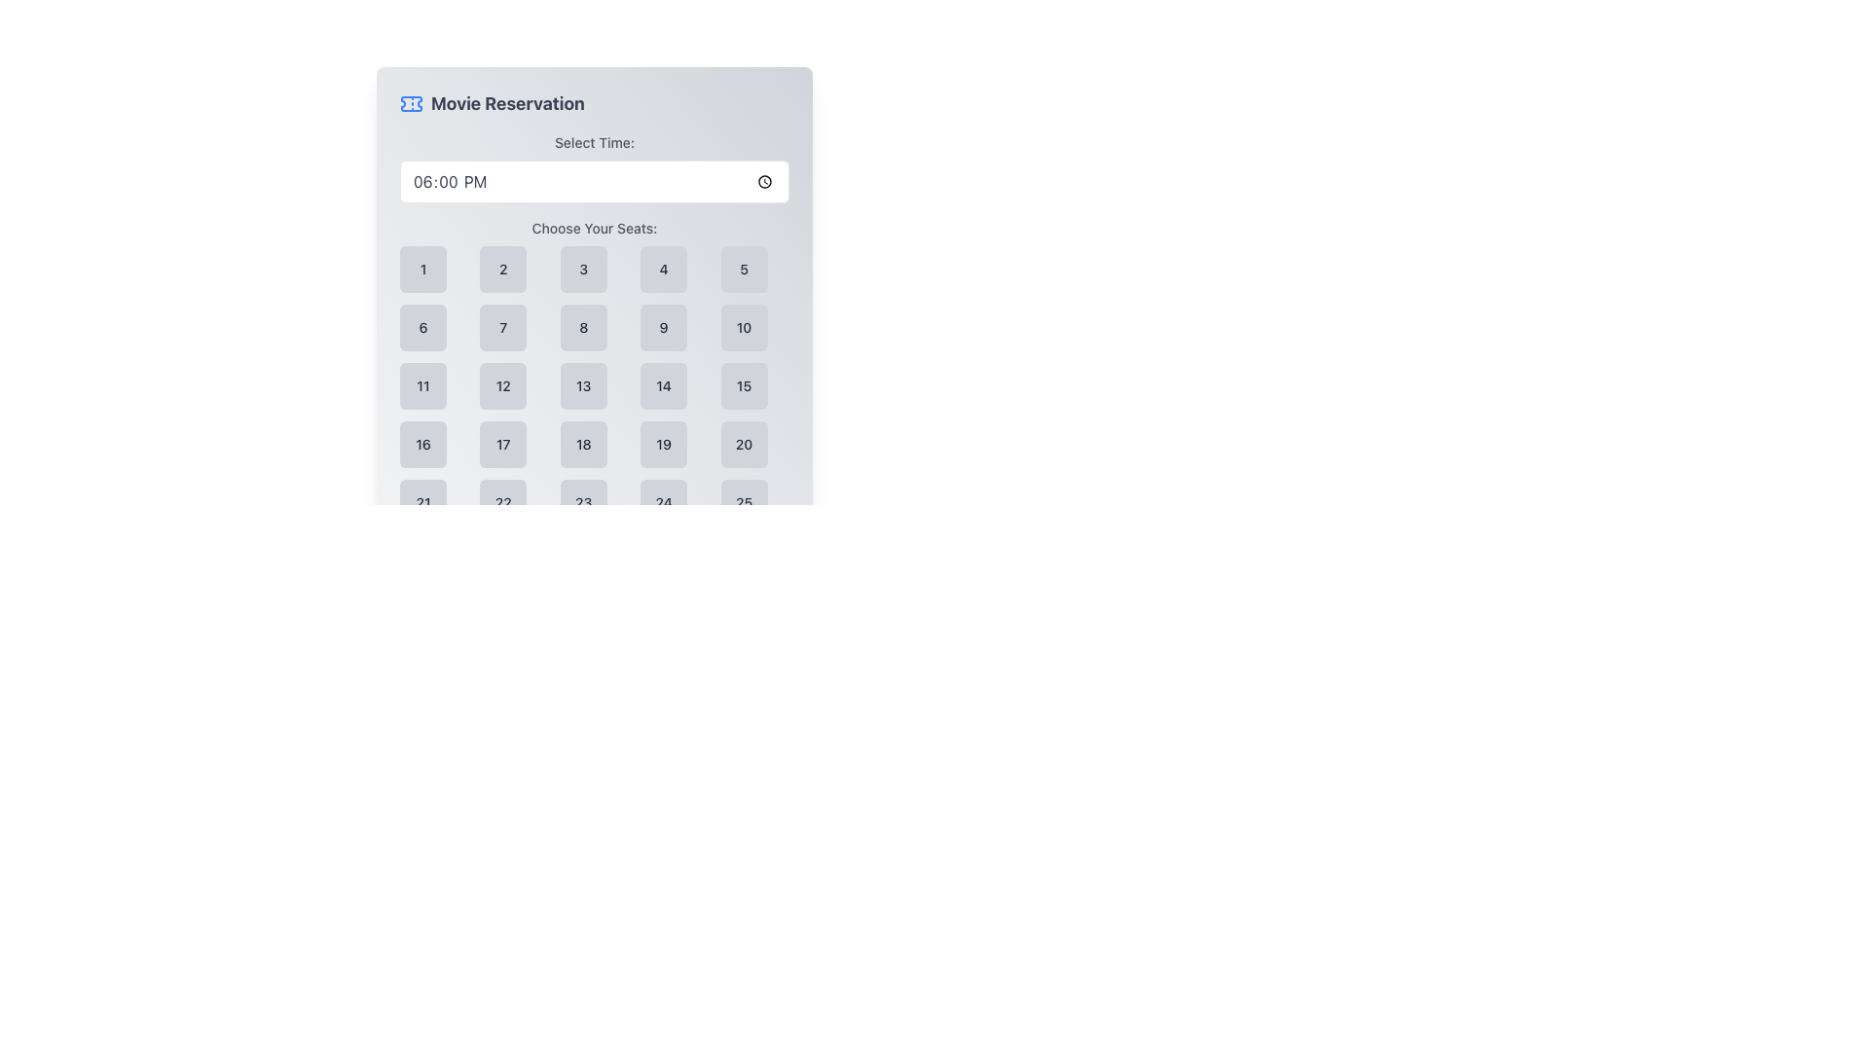  I want to click on the decorative ticket icon within the SVG graphic element located adjacent to the 'Movie Reservation' header text, so click(410, 104).